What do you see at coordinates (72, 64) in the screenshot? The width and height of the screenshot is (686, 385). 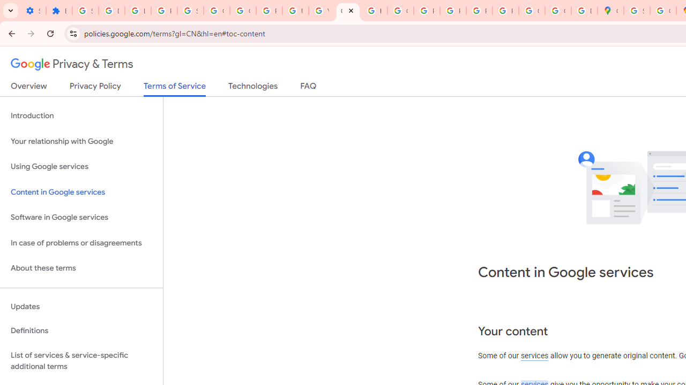 I see `'Privacy & Terms'` at bounding box center [72, 64].